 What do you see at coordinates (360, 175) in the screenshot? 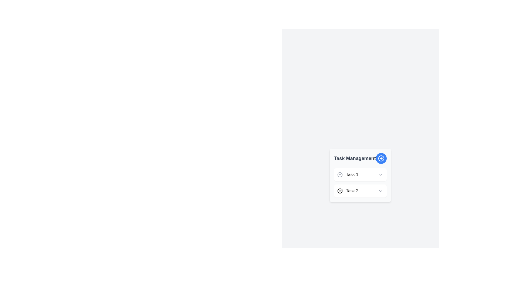
I see `the first task list item block displaying 'Task 1', which has a white background and rounded corners` at bounding box center [360, 175].